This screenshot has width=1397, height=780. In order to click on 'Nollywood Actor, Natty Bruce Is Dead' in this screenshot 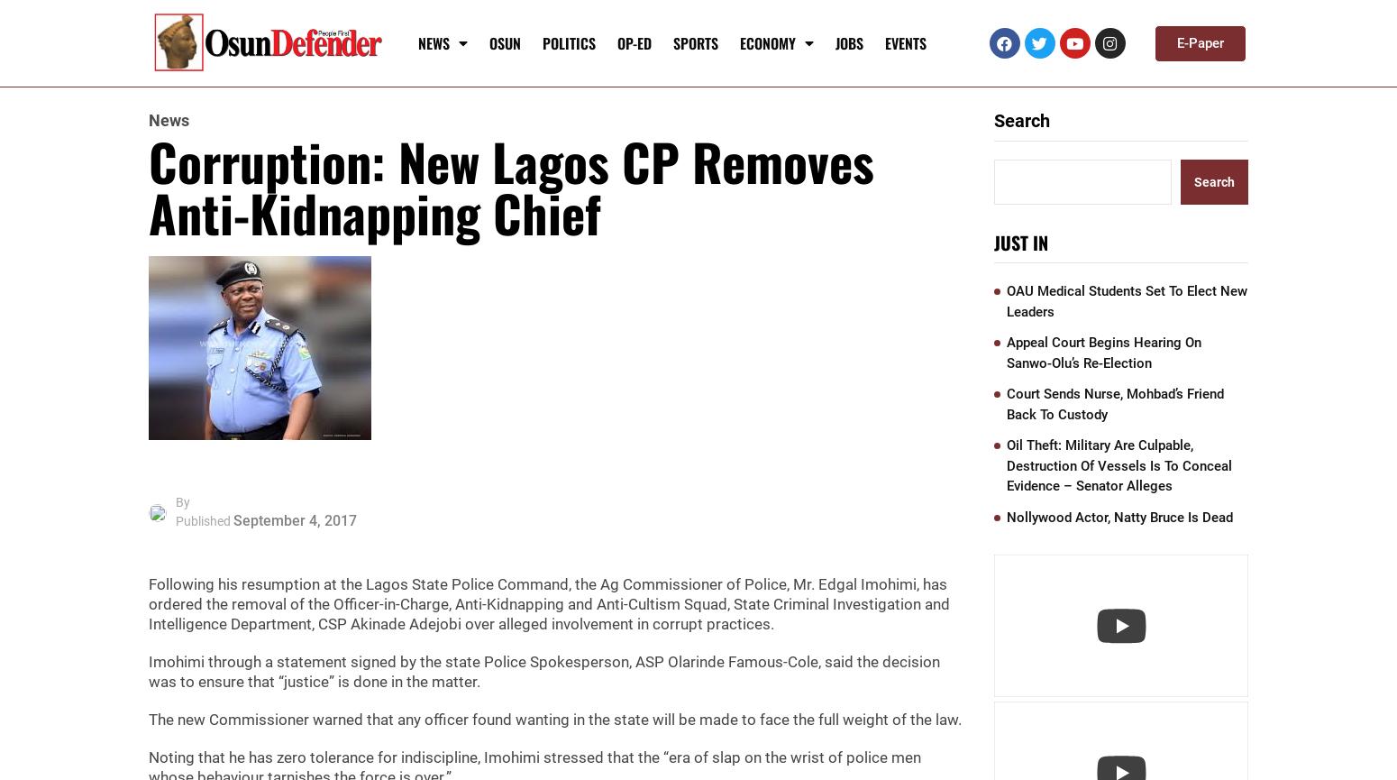, I will do `click(1118, 515)`.